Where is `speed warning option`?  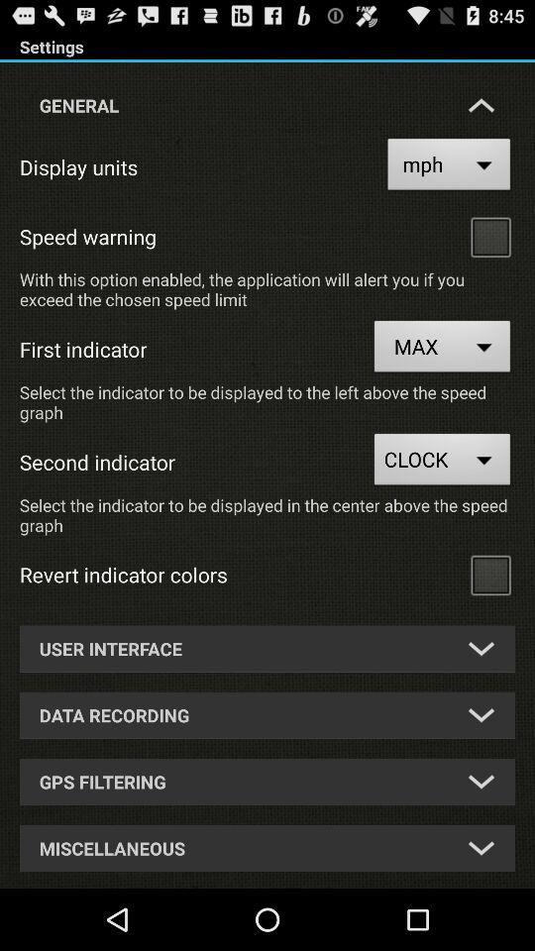 speed warning option is located at coordinates (489, 236).